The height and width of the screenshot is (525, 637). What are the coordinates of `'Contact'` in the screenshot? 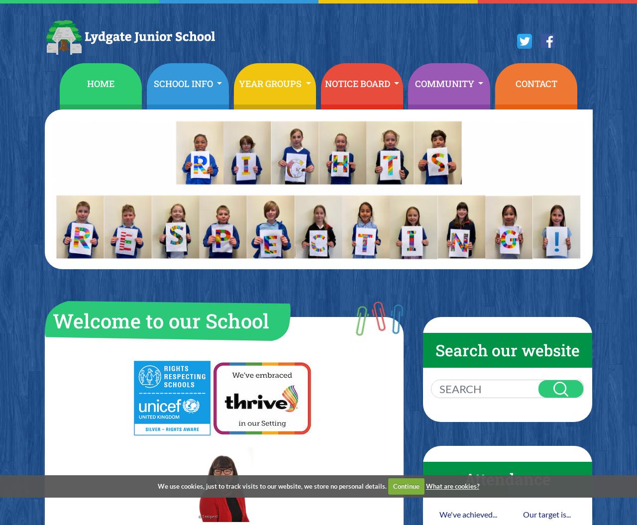 It's located at (535, 83).